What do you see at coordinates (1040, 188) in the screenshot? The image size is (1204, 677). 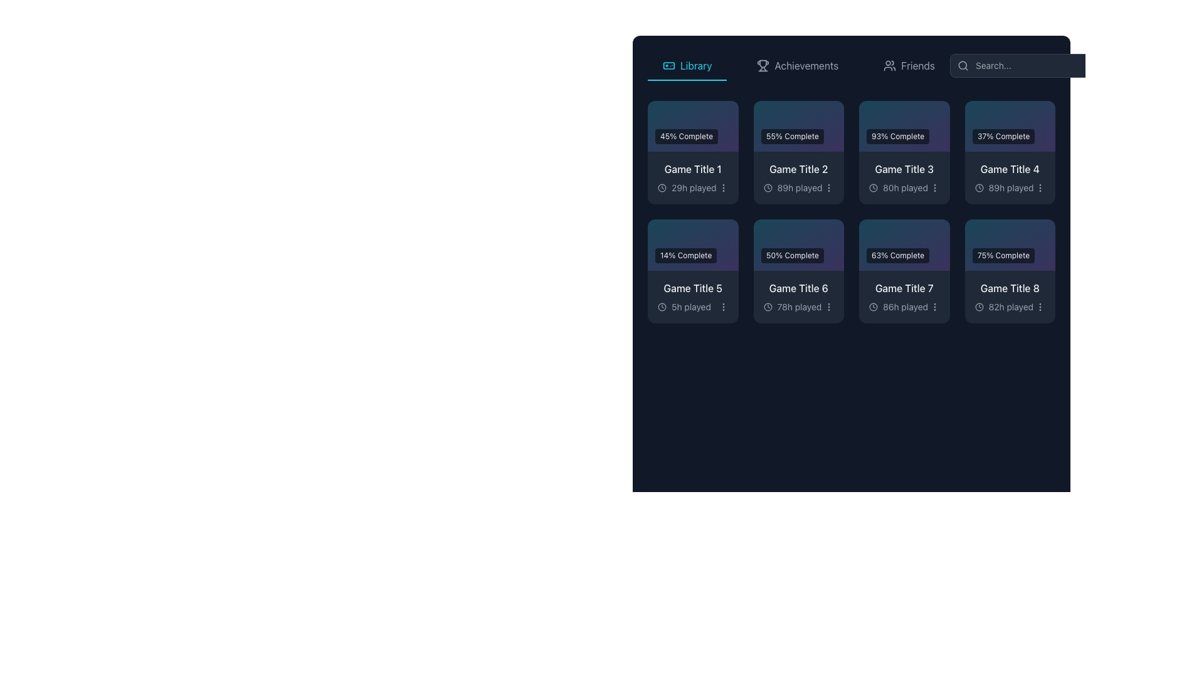 I see `the vertical ellipsis icon next to '89h played' in the row for 'Game Title 4'` at bounding box center [1040, 188].